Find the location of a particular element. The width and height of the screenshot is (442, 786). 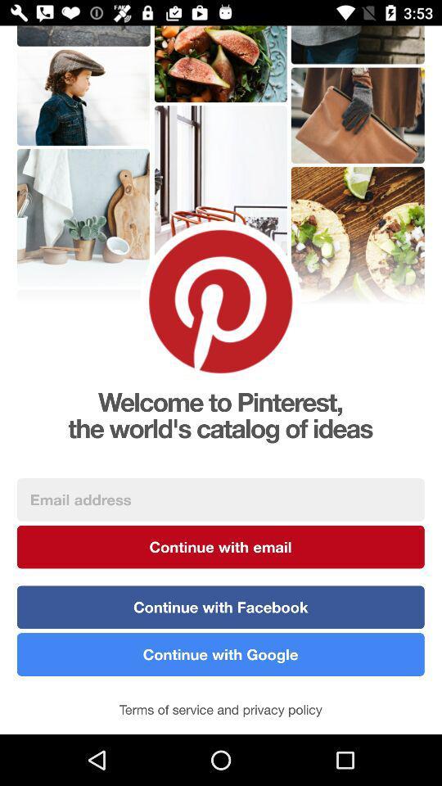

email sign in is located at coordinates (220, 499).